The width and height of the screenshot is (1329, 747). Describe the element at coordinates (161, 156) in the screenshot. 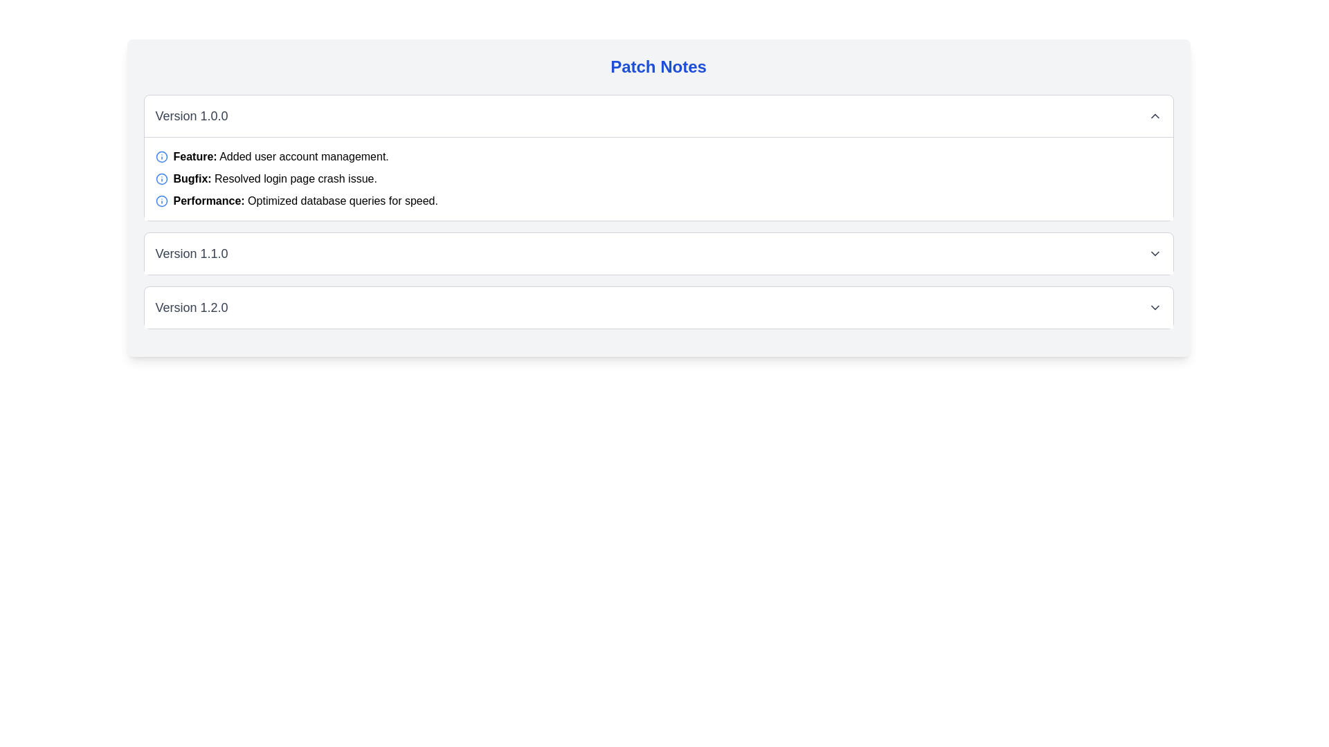

I see `the icon located to the left of the text 'Feature: Added user account management' in the first item of the patch notes under 'Version 1.0.0'` at that location.